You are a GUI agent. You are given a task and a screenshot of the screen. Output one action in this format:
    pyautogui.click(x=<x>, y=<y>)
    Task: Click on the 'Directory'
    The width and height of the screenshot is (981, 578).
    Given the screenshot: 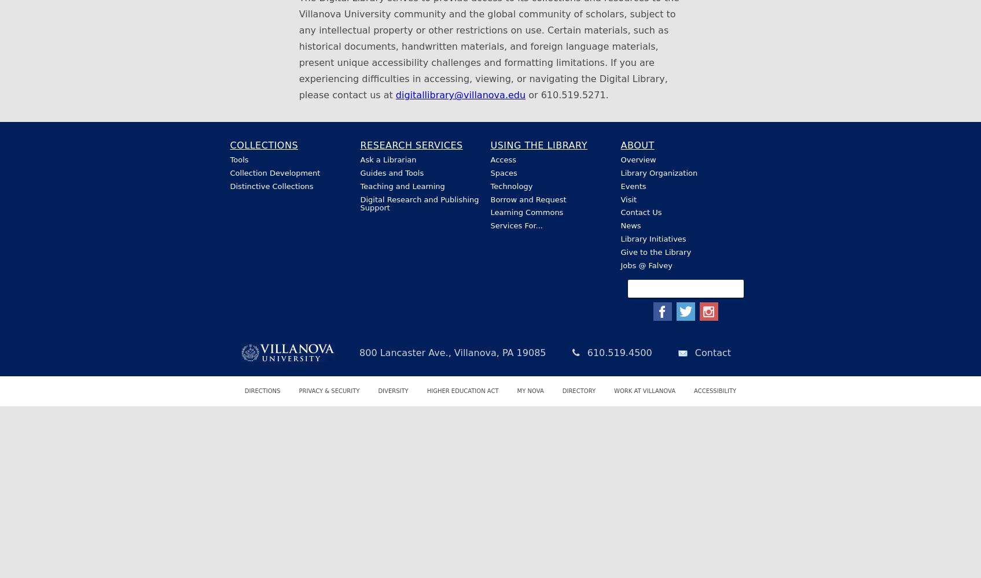 What is the action you would take?
    pyautogui.click(x=562, y=391)
    